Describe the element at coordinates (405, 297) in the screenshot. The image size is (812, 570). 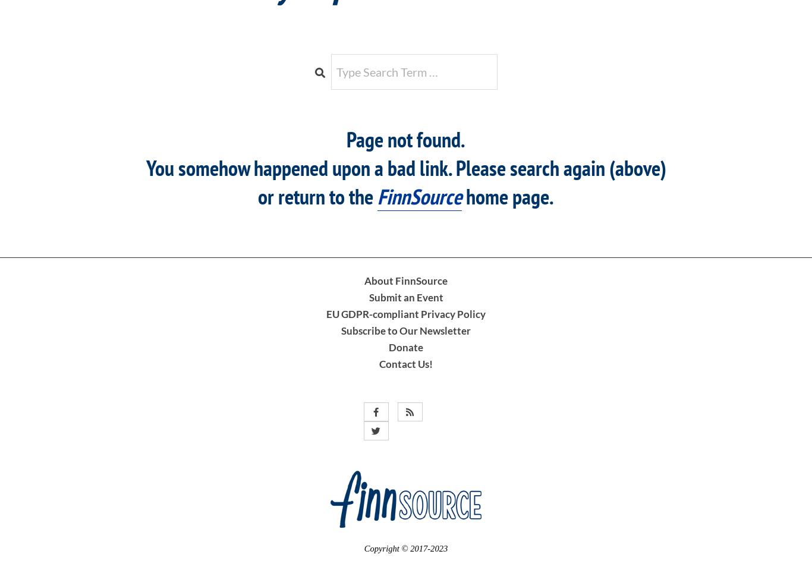
I see `'Submit an Event'` at that location.